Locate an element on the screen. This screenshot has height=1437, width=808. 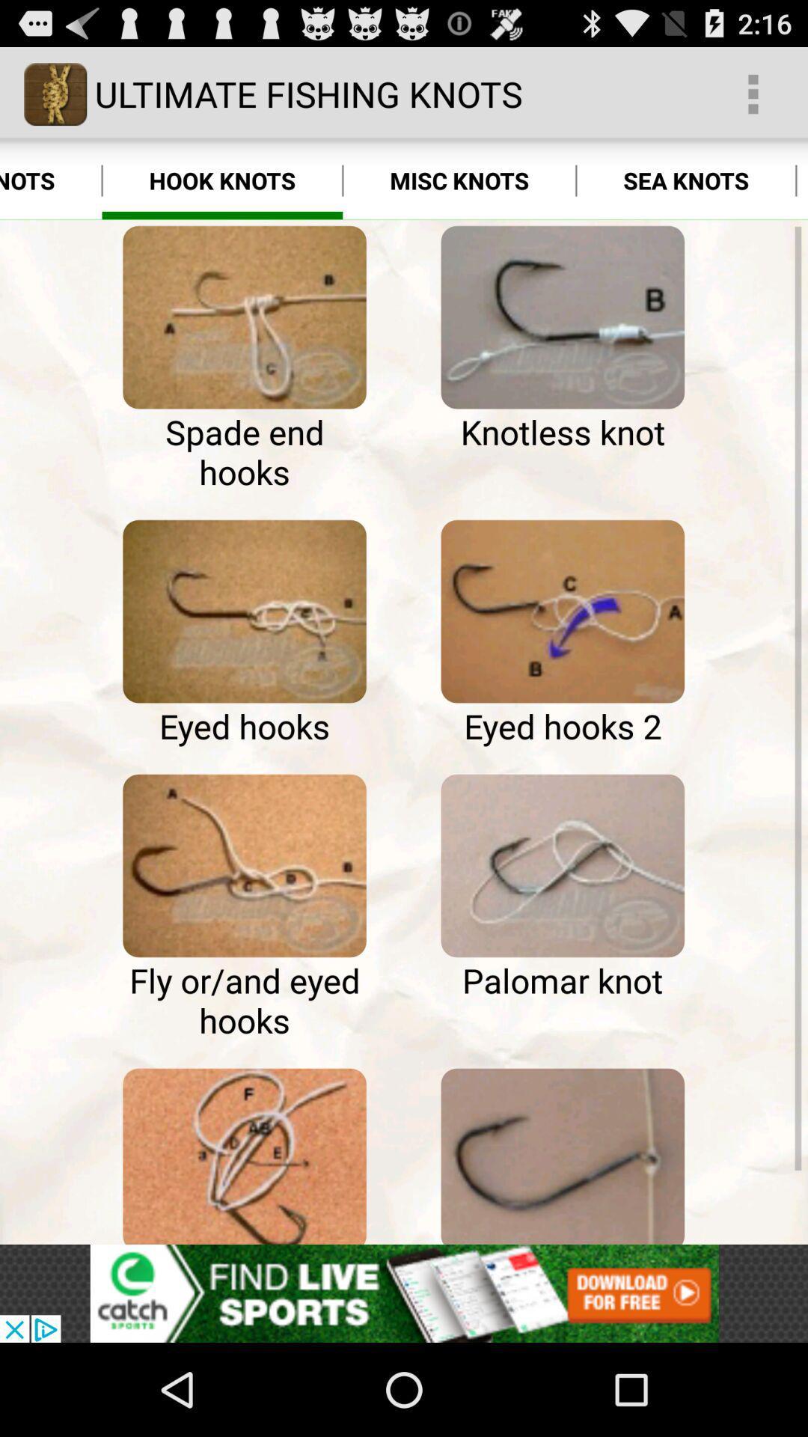
image page is located at coordinates (244, 865).